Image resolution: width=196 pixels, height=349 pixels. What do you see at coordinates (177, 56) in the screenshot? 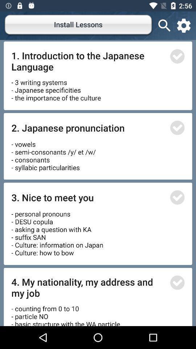
I see `install` at bounding box center [177, 56].